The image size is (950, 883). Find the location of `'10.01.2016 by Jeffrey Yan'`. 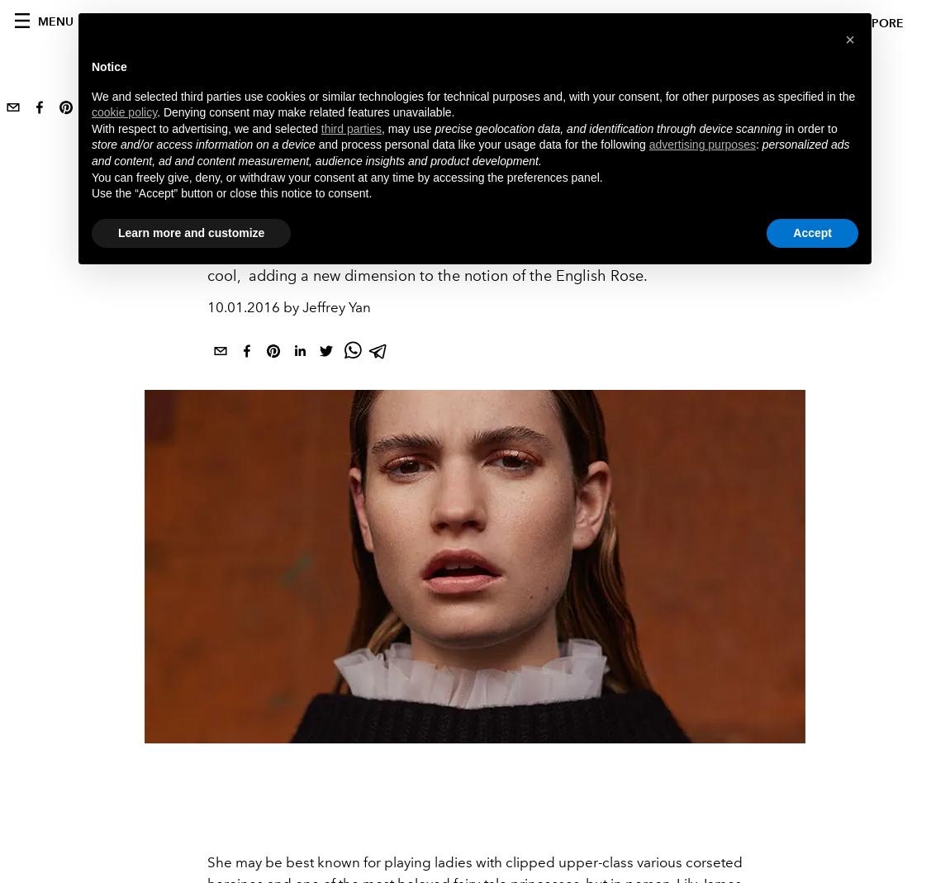

'10.01.2016 by Jeffrey Yan' is located at coordinates (288, 306).